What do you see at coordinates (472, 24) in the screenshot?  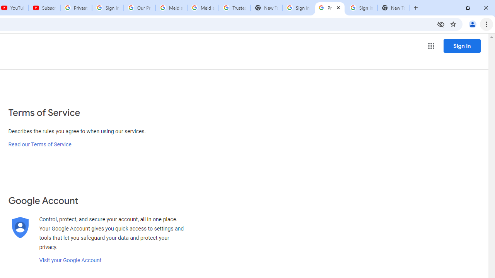 I see `'You'` at bounding box center [472, 24].